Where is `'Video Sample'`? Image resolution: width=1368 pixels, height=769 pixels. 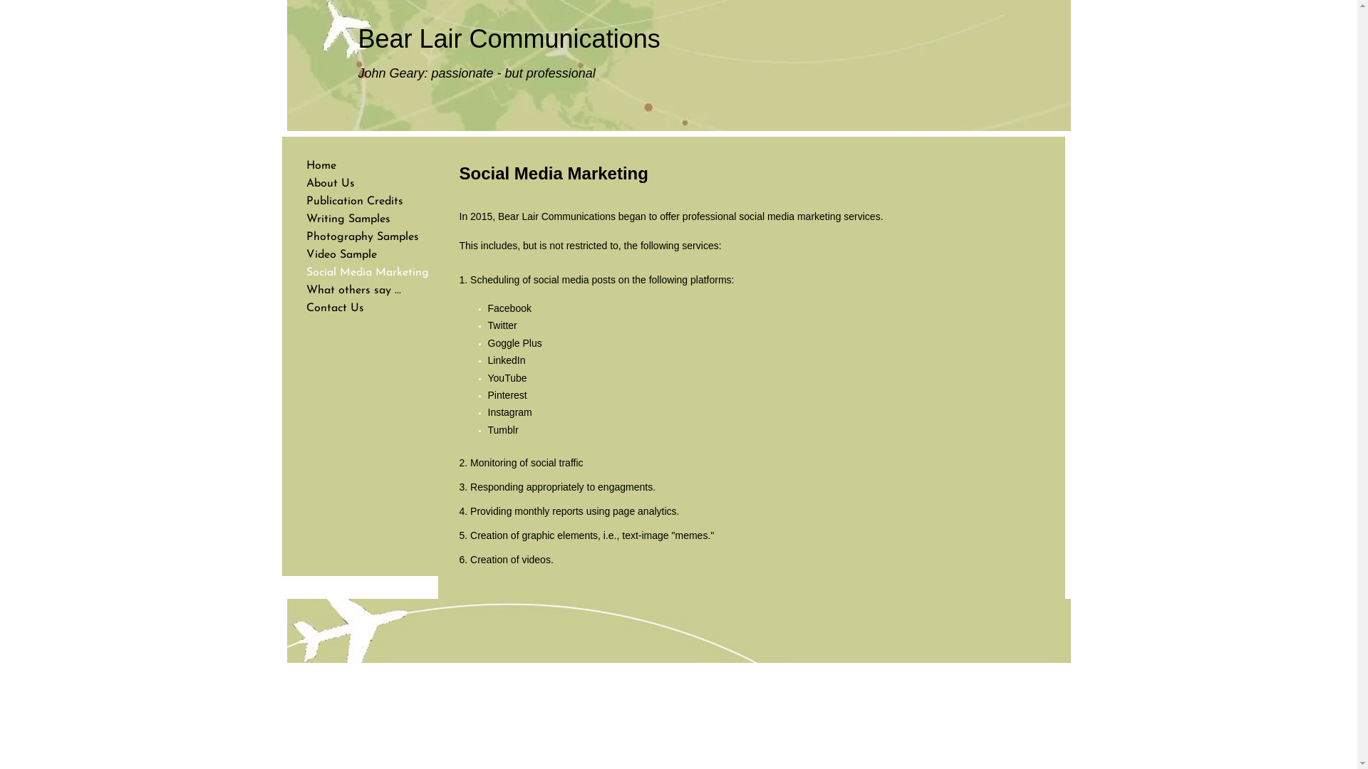
'Video Sample' is located at coordinates (341, 254).